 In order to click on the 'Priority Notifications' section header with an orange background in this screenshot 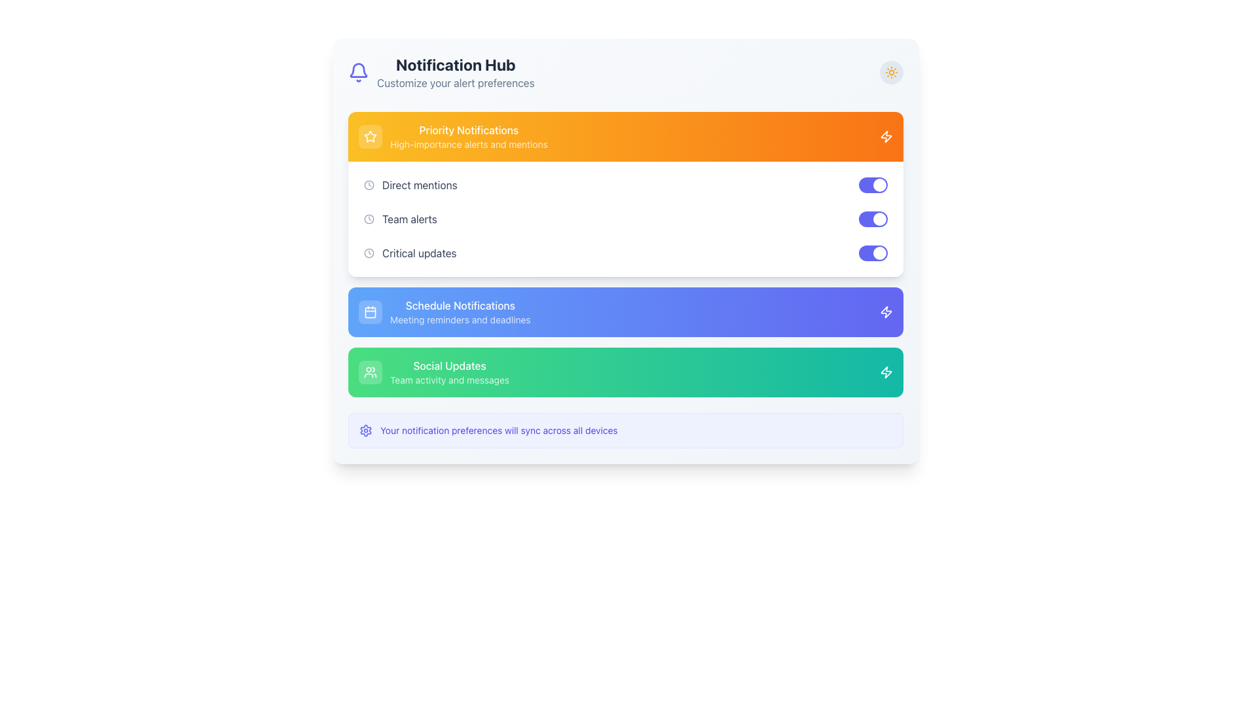, I will do `click(453, 136)`.